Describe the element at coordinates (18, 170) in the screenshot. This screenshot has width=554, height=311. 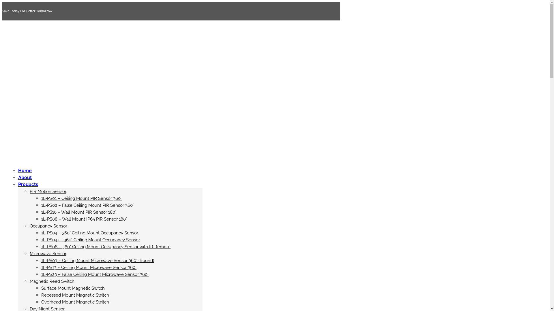
I see `'Home'` at that location.